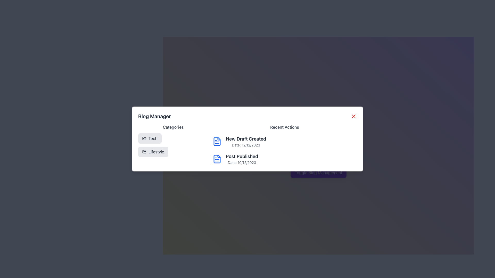 This screenshot has height=278, width=495. Describe the element at coordinates (242, 156) in the screenshot. I see `bold text label that states 'Post Published', prominently displayed in dark gray within the right-hand column under 'Recent Actions'` at that location.